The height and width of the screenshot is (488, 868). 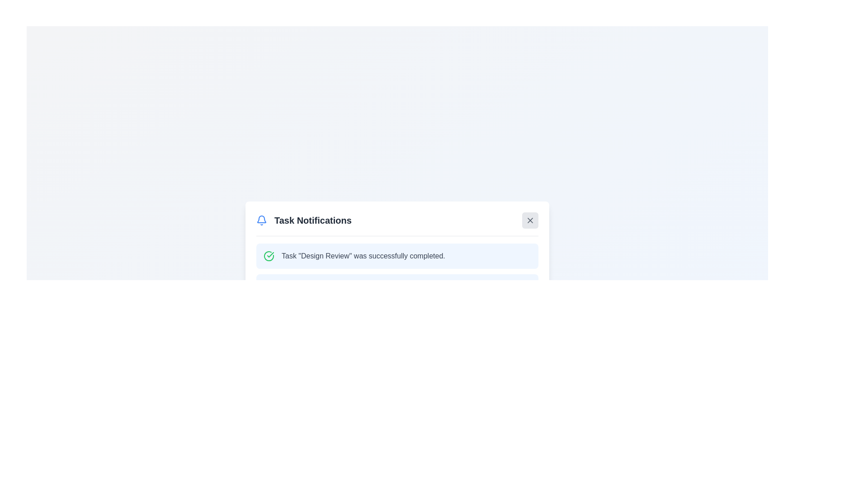 What do you see at coordinates (304, 220) in the screenshot?
I see `the 'Task Notifications' text label which features a bold, large font in dark gray color and is accompanied by a blue bell icon, located near the top left of the notification card, to the left of the close button` at bounding box center [304, 220].